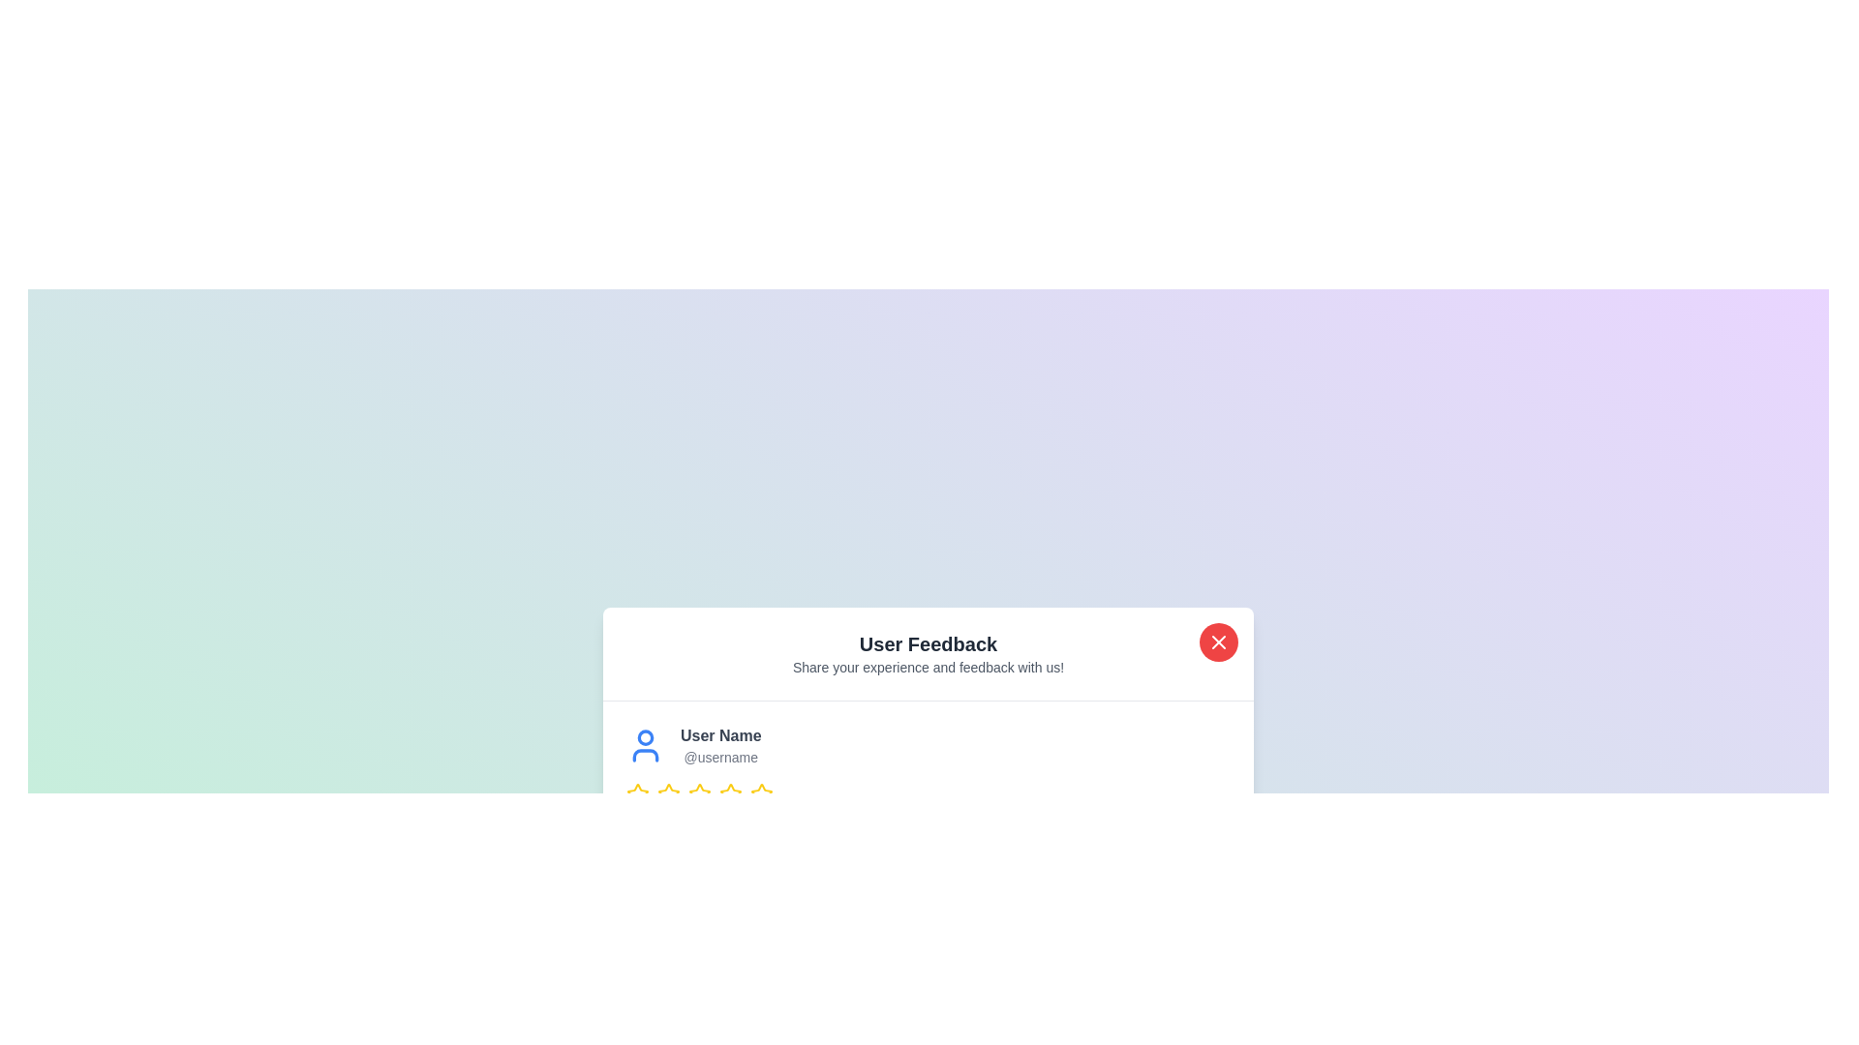  I want to click on the eighth star icon in the rating system, so click(761, 793).